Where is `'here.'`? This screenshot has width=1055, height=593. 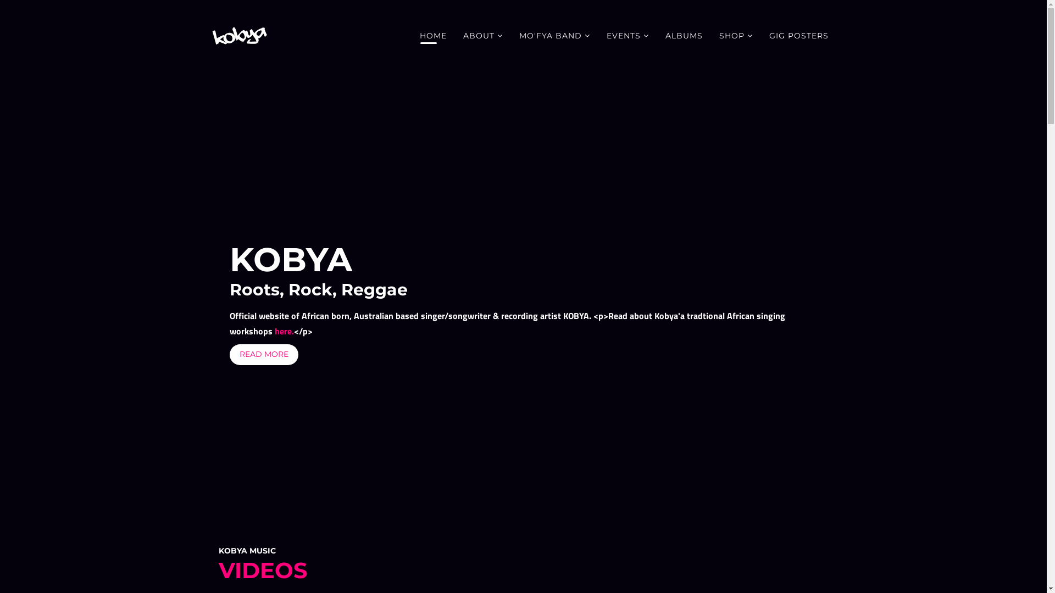 'here.' is located at coordinates (284, 330).